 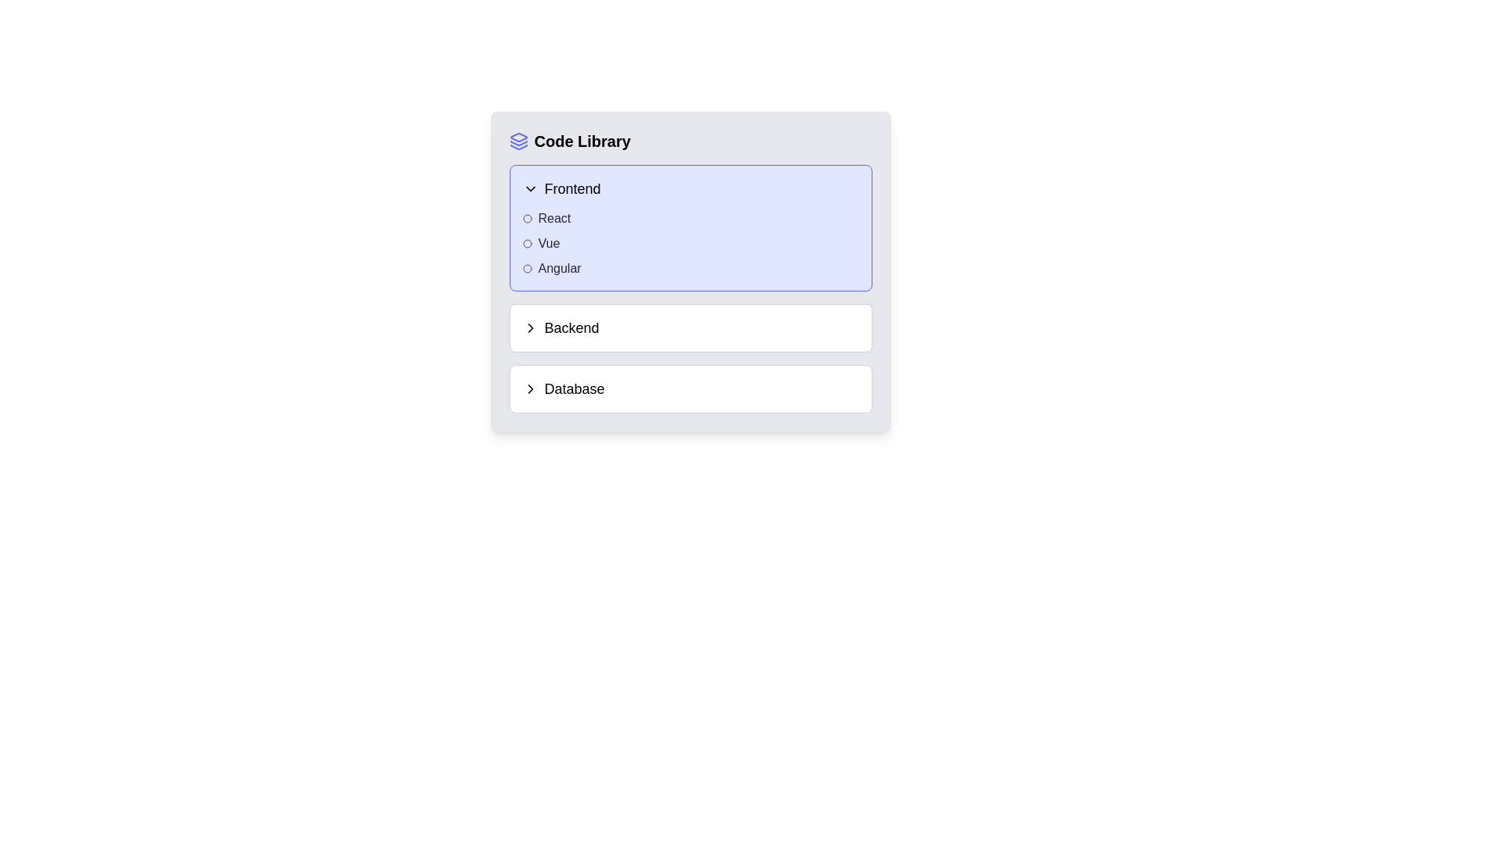 What do you see at coordinates (530, 188) in the screenshot?
I see `the right-pointing chevron icon` at bounding box center [530, 188].